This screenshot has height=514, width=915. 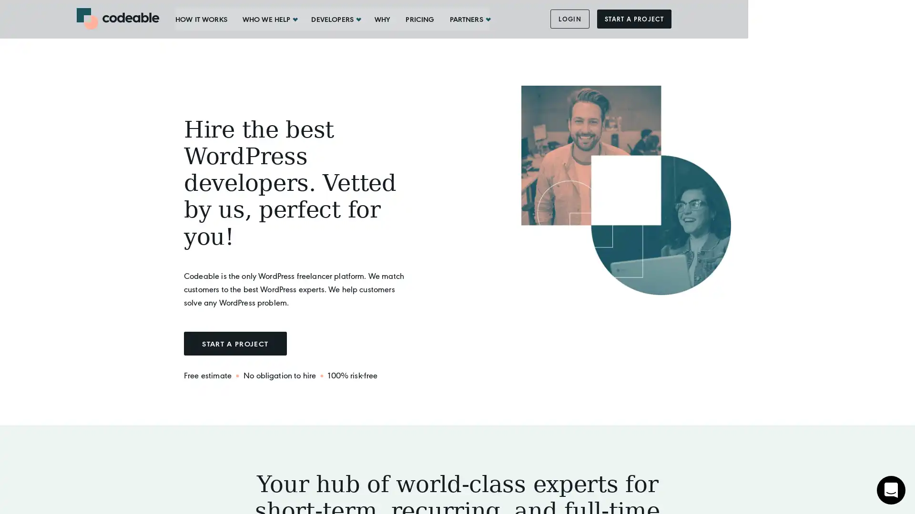 I want to click on Open Intercom, so click(x=891, y=490).